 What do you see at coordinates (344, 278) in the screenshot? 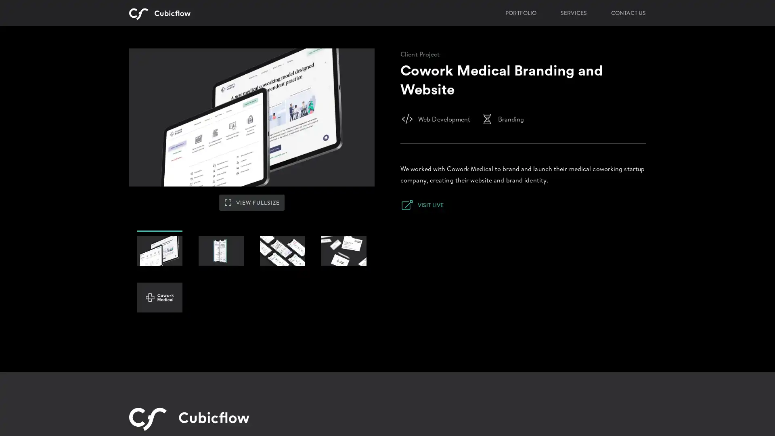
I see `#` at bounding box center [344, 278].